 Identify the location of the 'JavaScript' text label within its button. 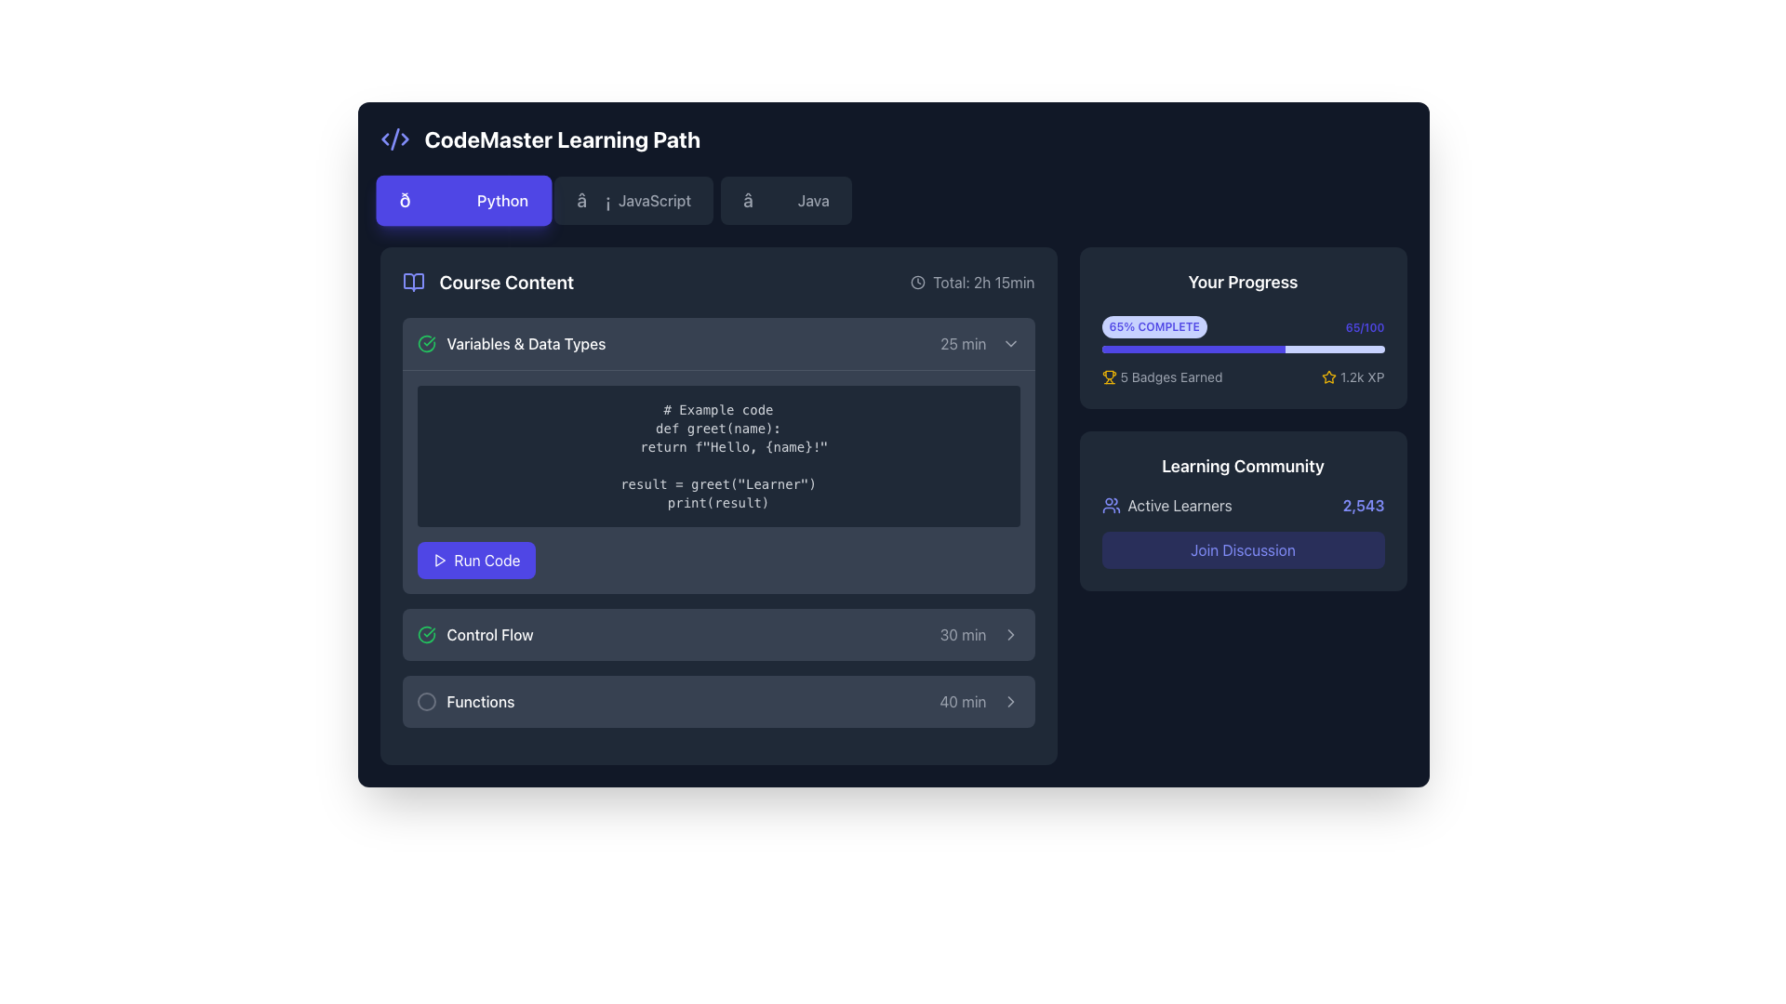
(655, 201).